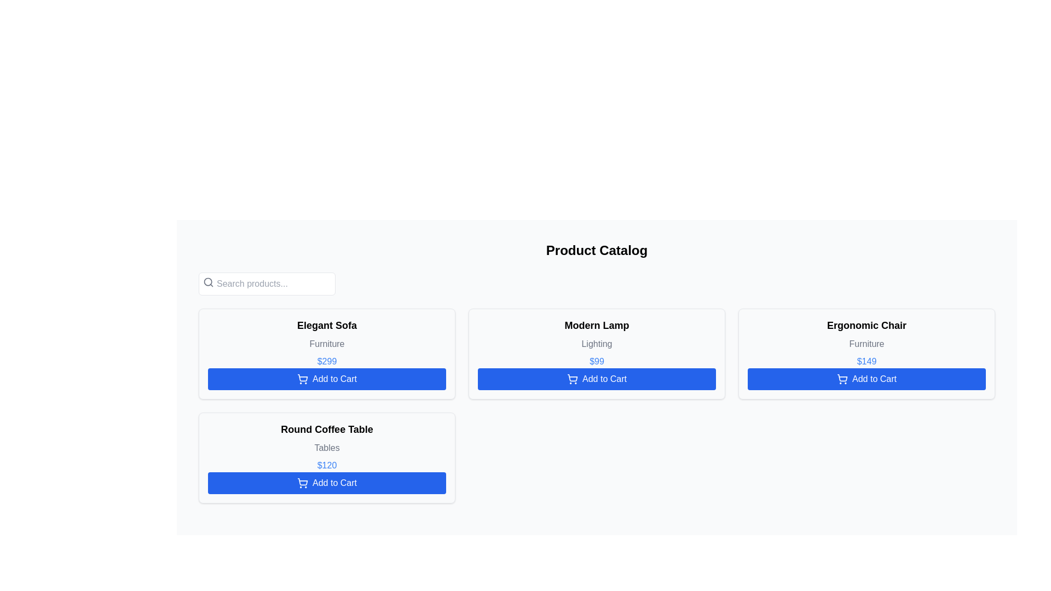 This screenshot has width=1051, height=591. Describe the element at coordinates (596, 333) in the screenshot. I see `text from the label that includes 'Modern Lamp' and 'Lighting', which is located in the central tile of a row of three items` at that location.